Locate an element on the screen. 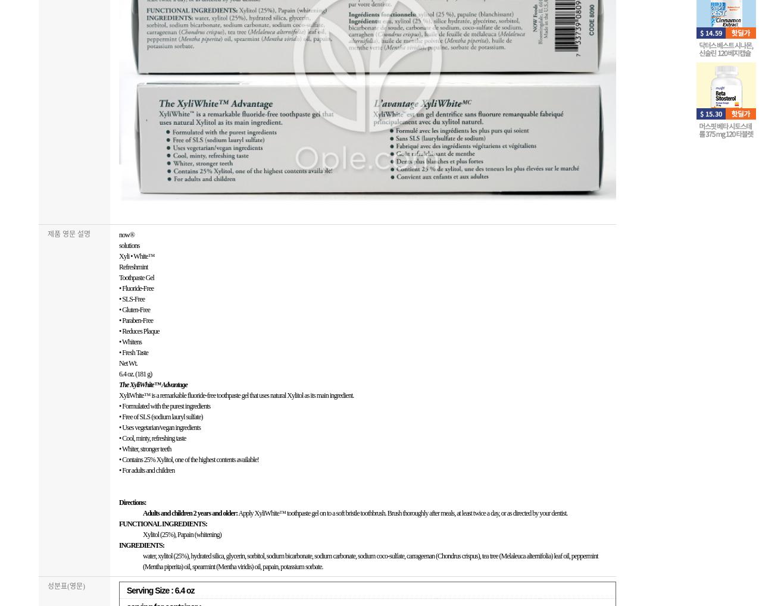 The height and width of the screenshot is (606, 759). '• Formulated with the purest ingredients' is located at coordinates (164, 406).